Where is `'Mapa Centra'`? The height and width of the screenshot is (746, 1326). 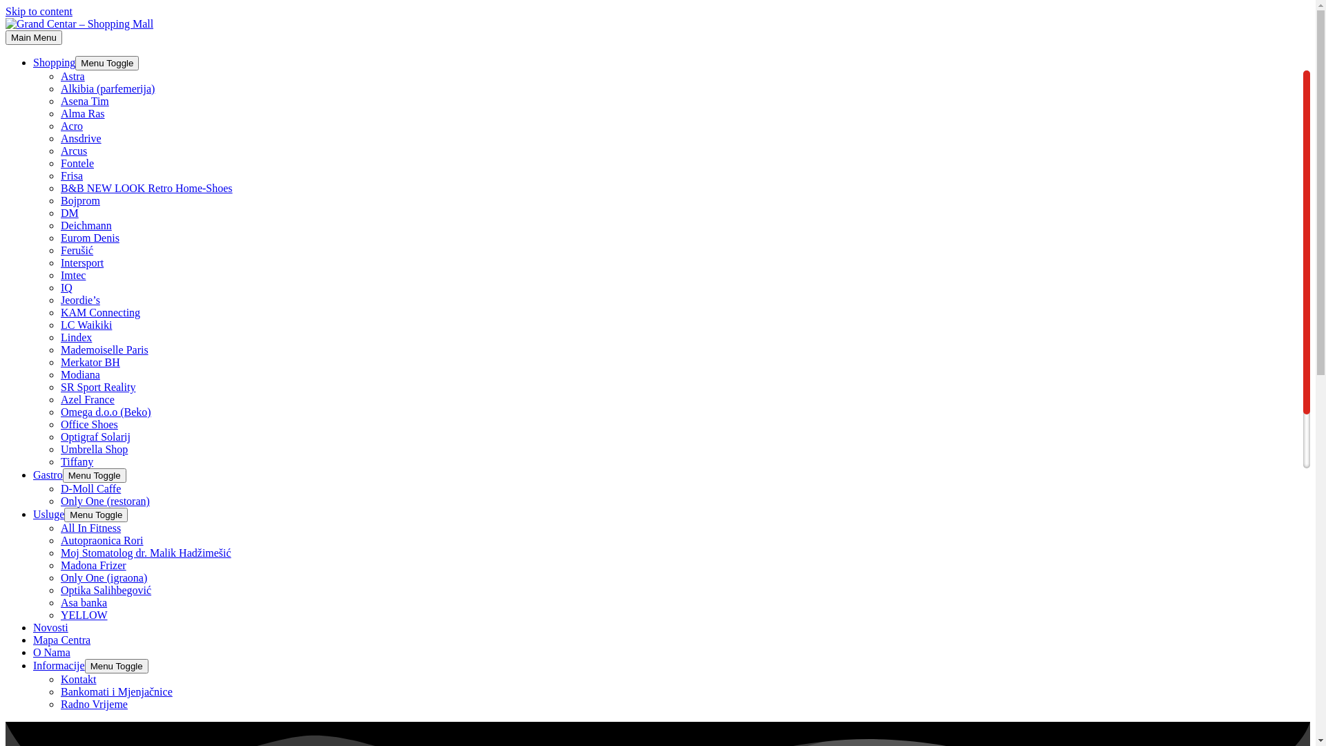
'Mapa Centra' is located at coordinates (61, 640).